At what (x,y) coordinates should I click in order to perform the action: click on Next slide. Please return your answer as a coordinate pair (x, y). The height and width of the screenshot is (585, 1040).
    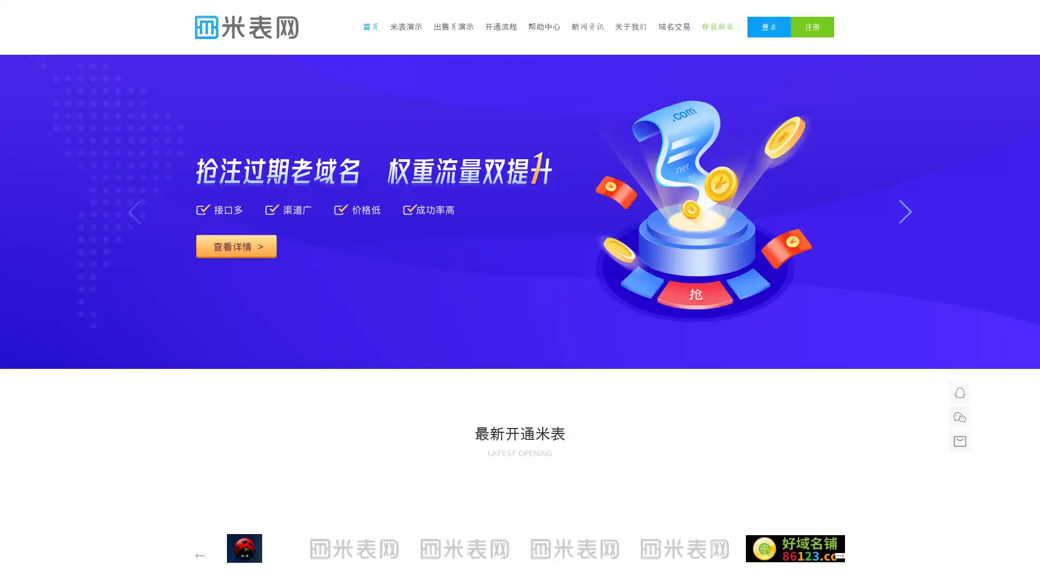
    Looking at the image, I should click on (662, 368).